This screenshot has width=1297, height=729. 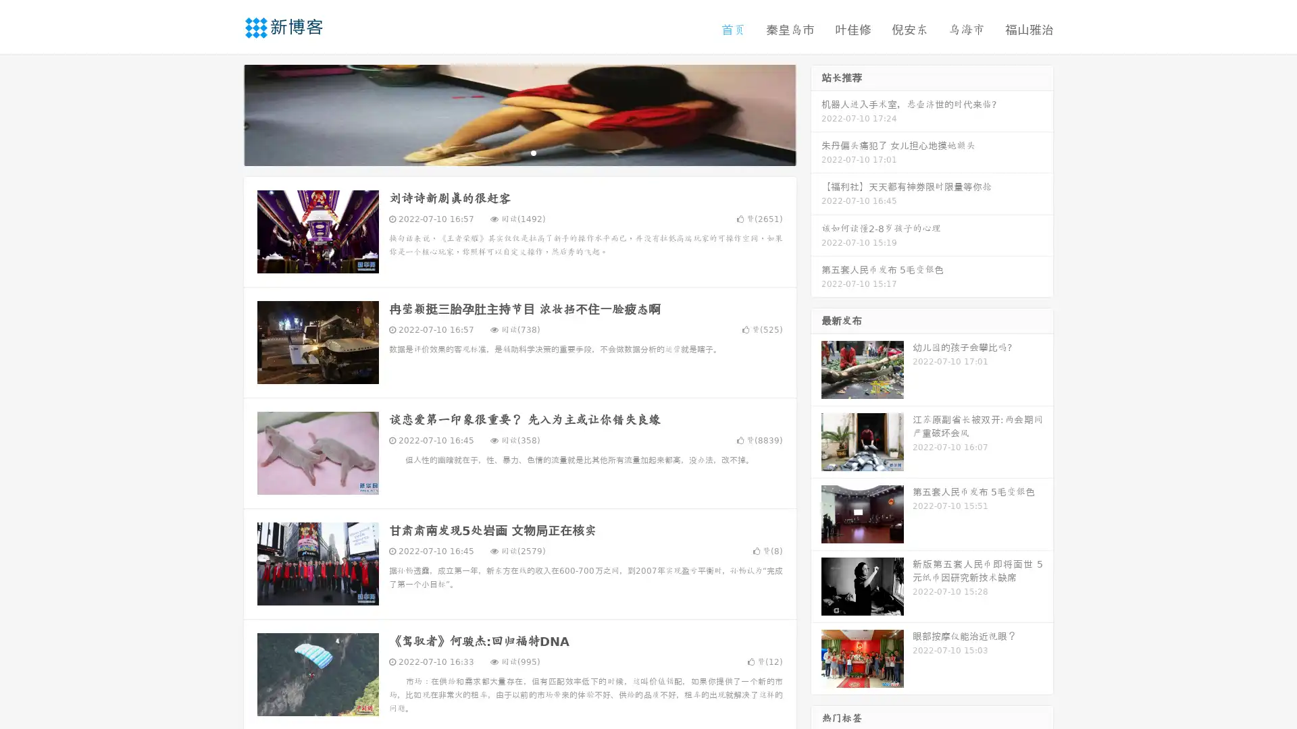 I want to click on Go to slide 3, so click(x=533, y=152).